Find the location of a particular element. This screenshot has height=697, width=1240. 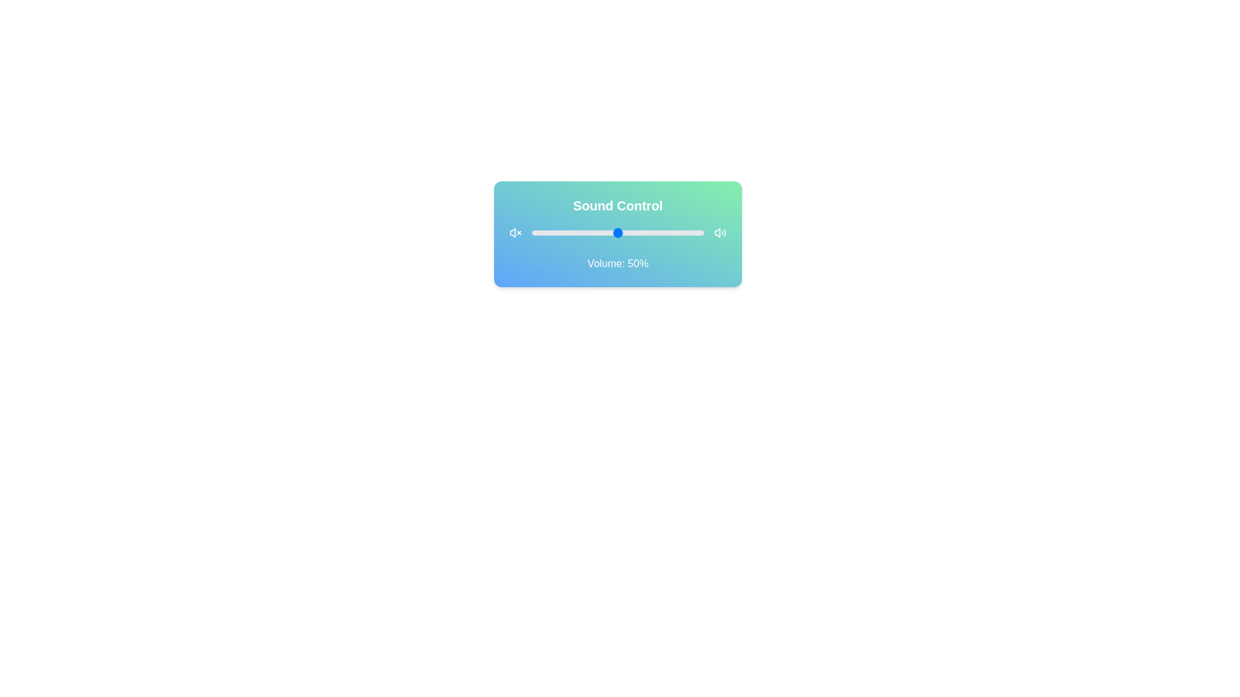

the volume slider is located at coordinates (559, 233).